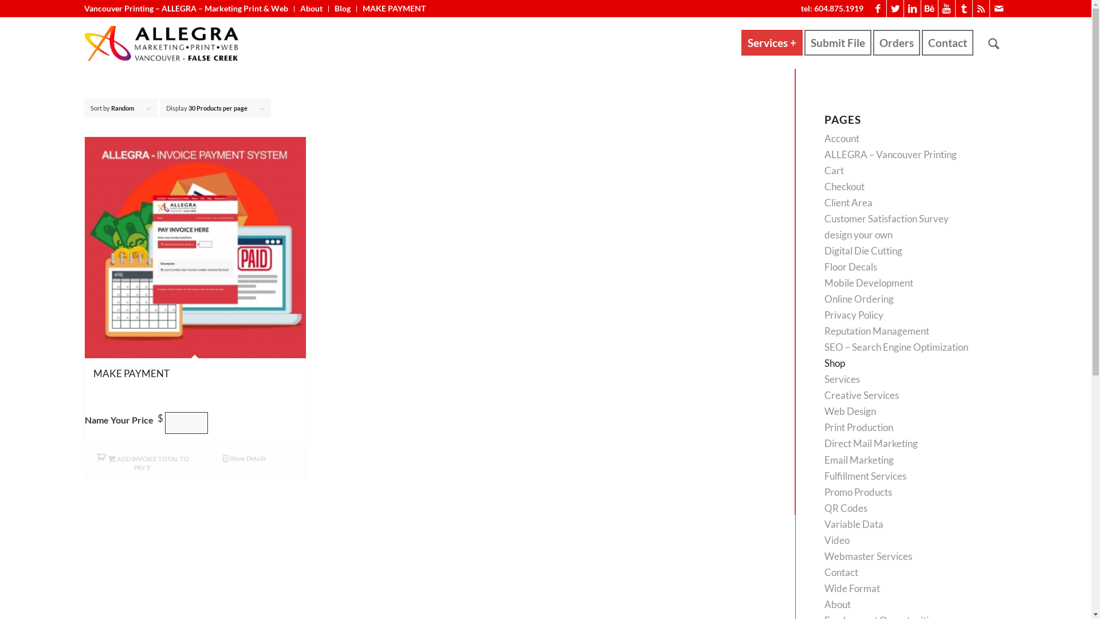  I want to click on 'Linkedin', so click(912, 9).